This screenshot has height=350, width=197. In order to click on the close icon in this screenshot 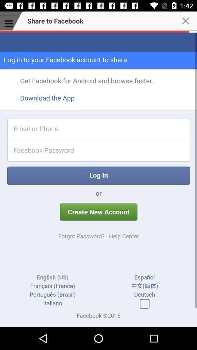, I will do `click(188, 24)`.